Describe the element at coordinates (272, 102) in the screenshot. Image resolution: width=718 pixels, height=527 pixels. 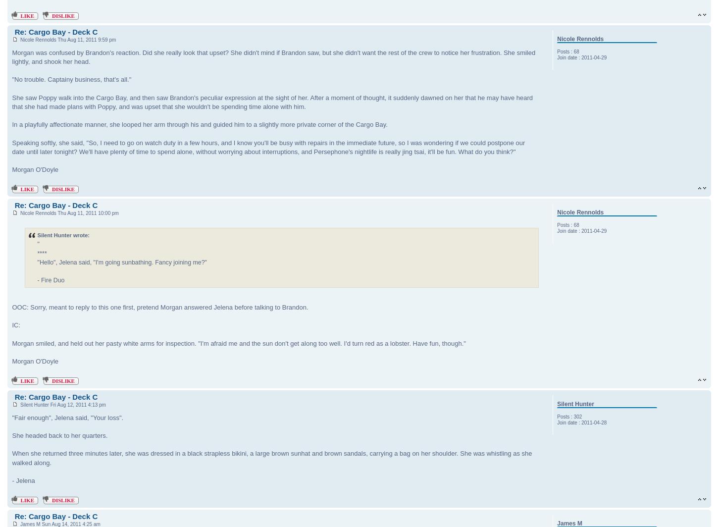
I see `'She saw Poppy walk into the Cargo Bay, and then saw Brandon's peculiar expression at the sight of her. After a moment of thought, it suddenly dawned on her that he may have heard that she had made plans with Poppy, and was upset that she wouldn't be spending time alone with him.'` at that location.